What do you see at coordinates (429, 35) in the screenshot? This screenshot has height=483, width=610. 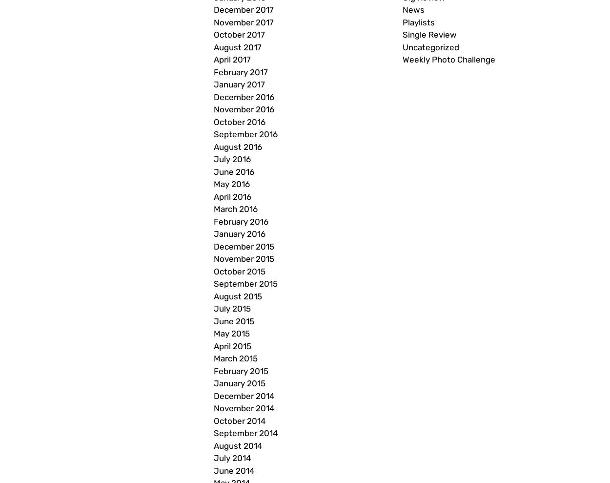 I see `'Single Review'` at bounding box center [429, 35].